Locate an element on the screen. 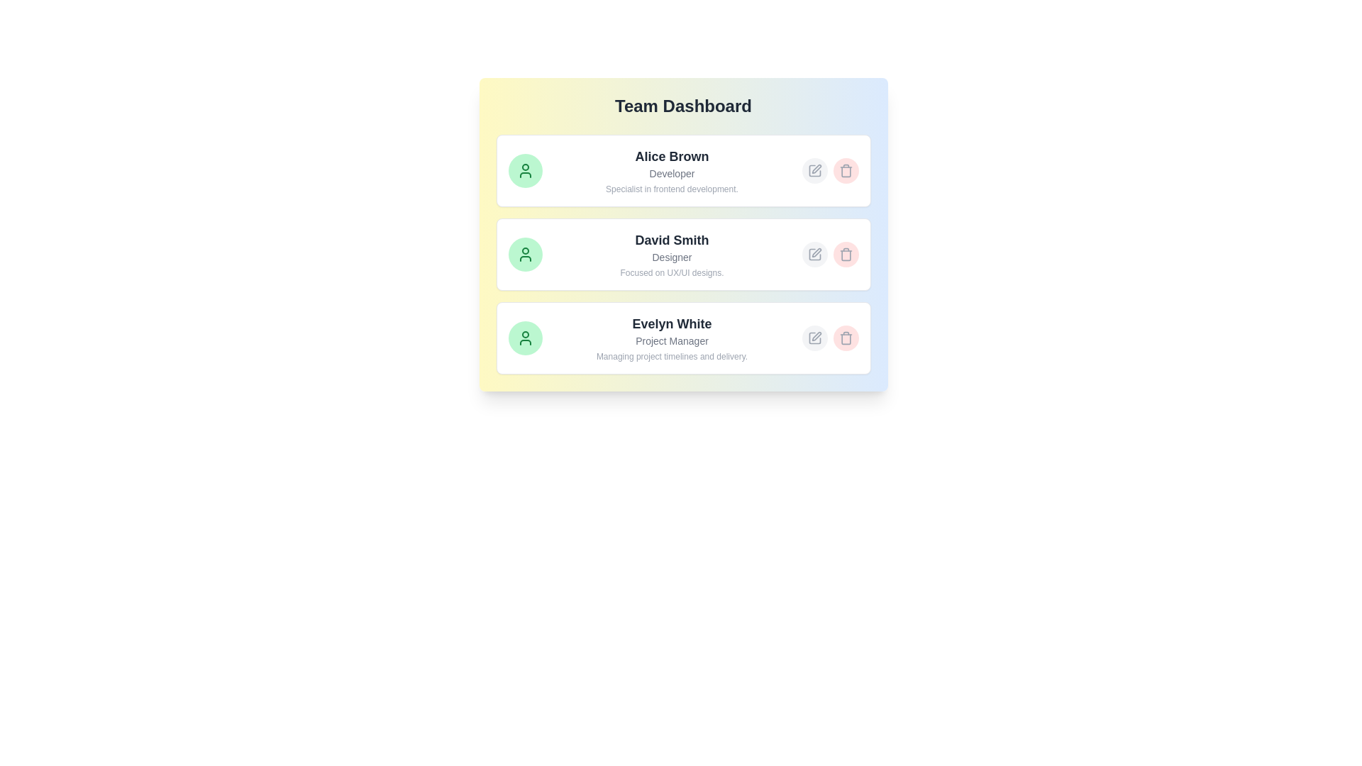 The image size is (1362, 766). the trash icon within the circular button is located at coordinates (846, 338).